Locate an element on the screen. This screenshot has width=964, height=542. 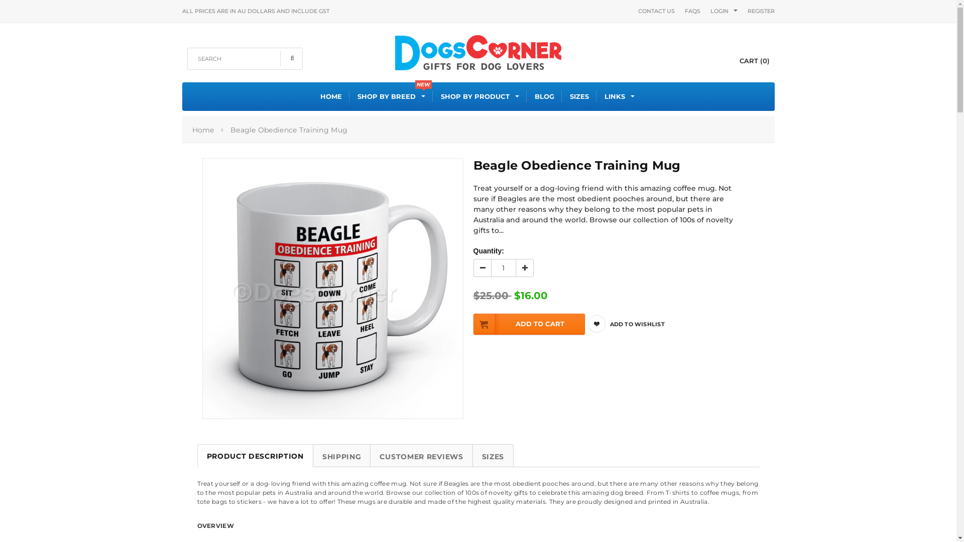
'ADD TO WISHLIST' is located at coordinates (635, 324).